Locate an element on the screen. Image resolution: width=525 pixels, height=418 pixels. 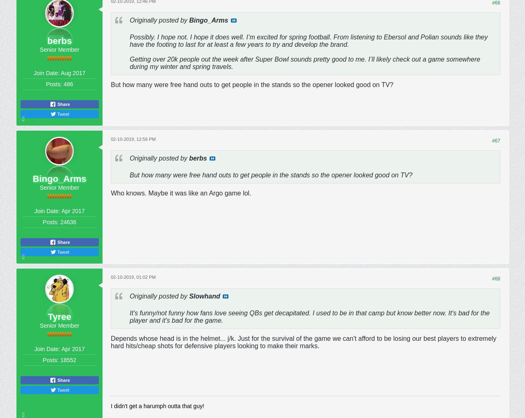
'It's funny/not funny how fans love seeing QBs get decapitated. I used to be in that camp but know better now. It's bad for the player and it's bad for the game.' is located at coordinates (309, 316).